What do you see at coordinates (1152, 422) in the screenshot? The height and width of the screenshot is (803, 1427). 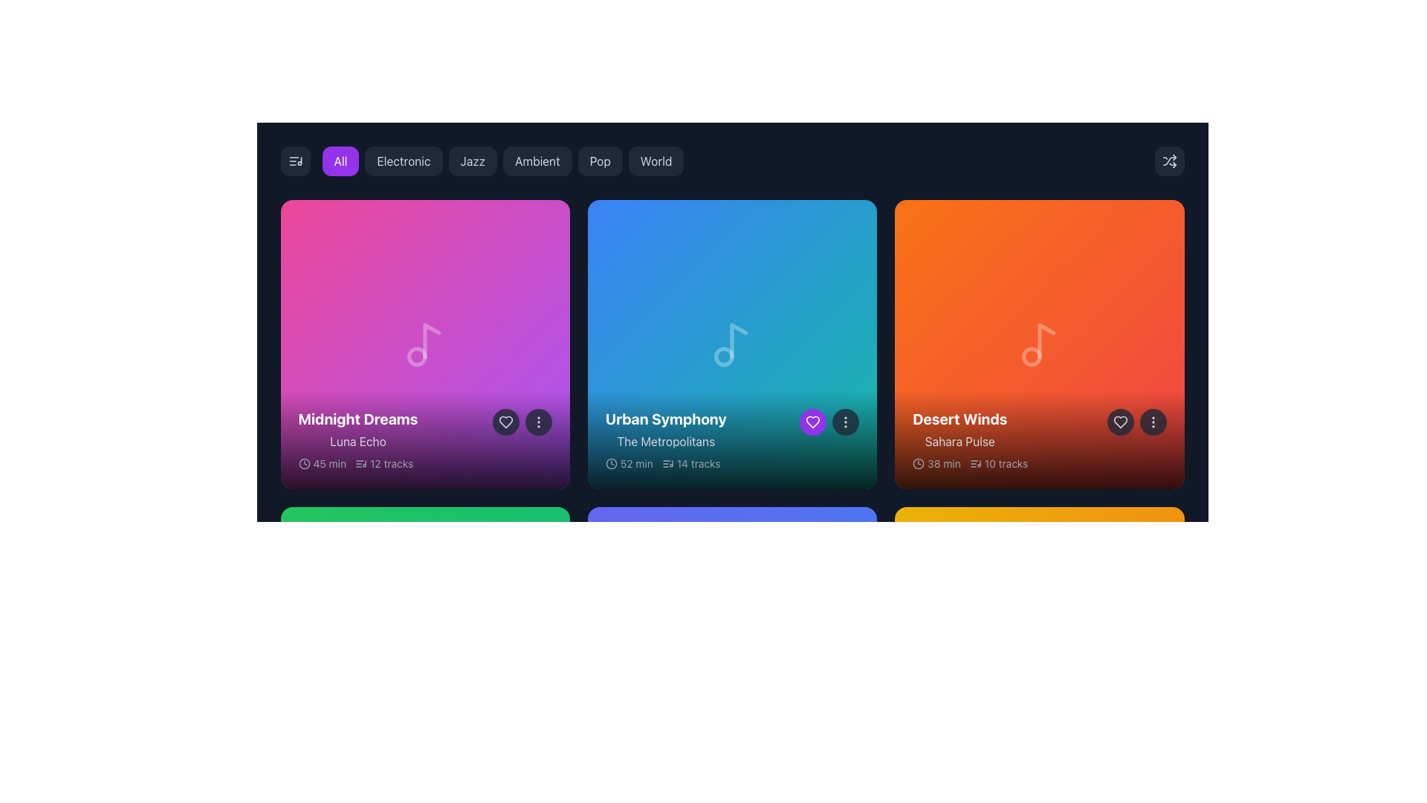 I see `the vertical ellipsis icon located in the bottom-right corner of the 'Desert Winds' card` at bounding box center [1152, 422].